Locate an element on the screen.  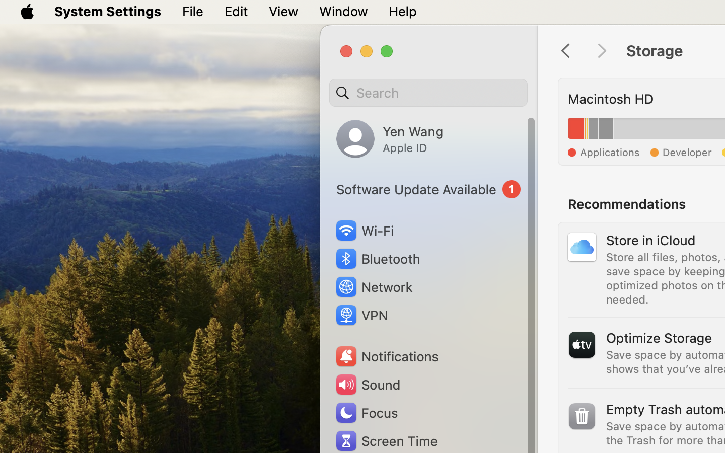
'Macintosh HD' is located at coordinates (610, 99).